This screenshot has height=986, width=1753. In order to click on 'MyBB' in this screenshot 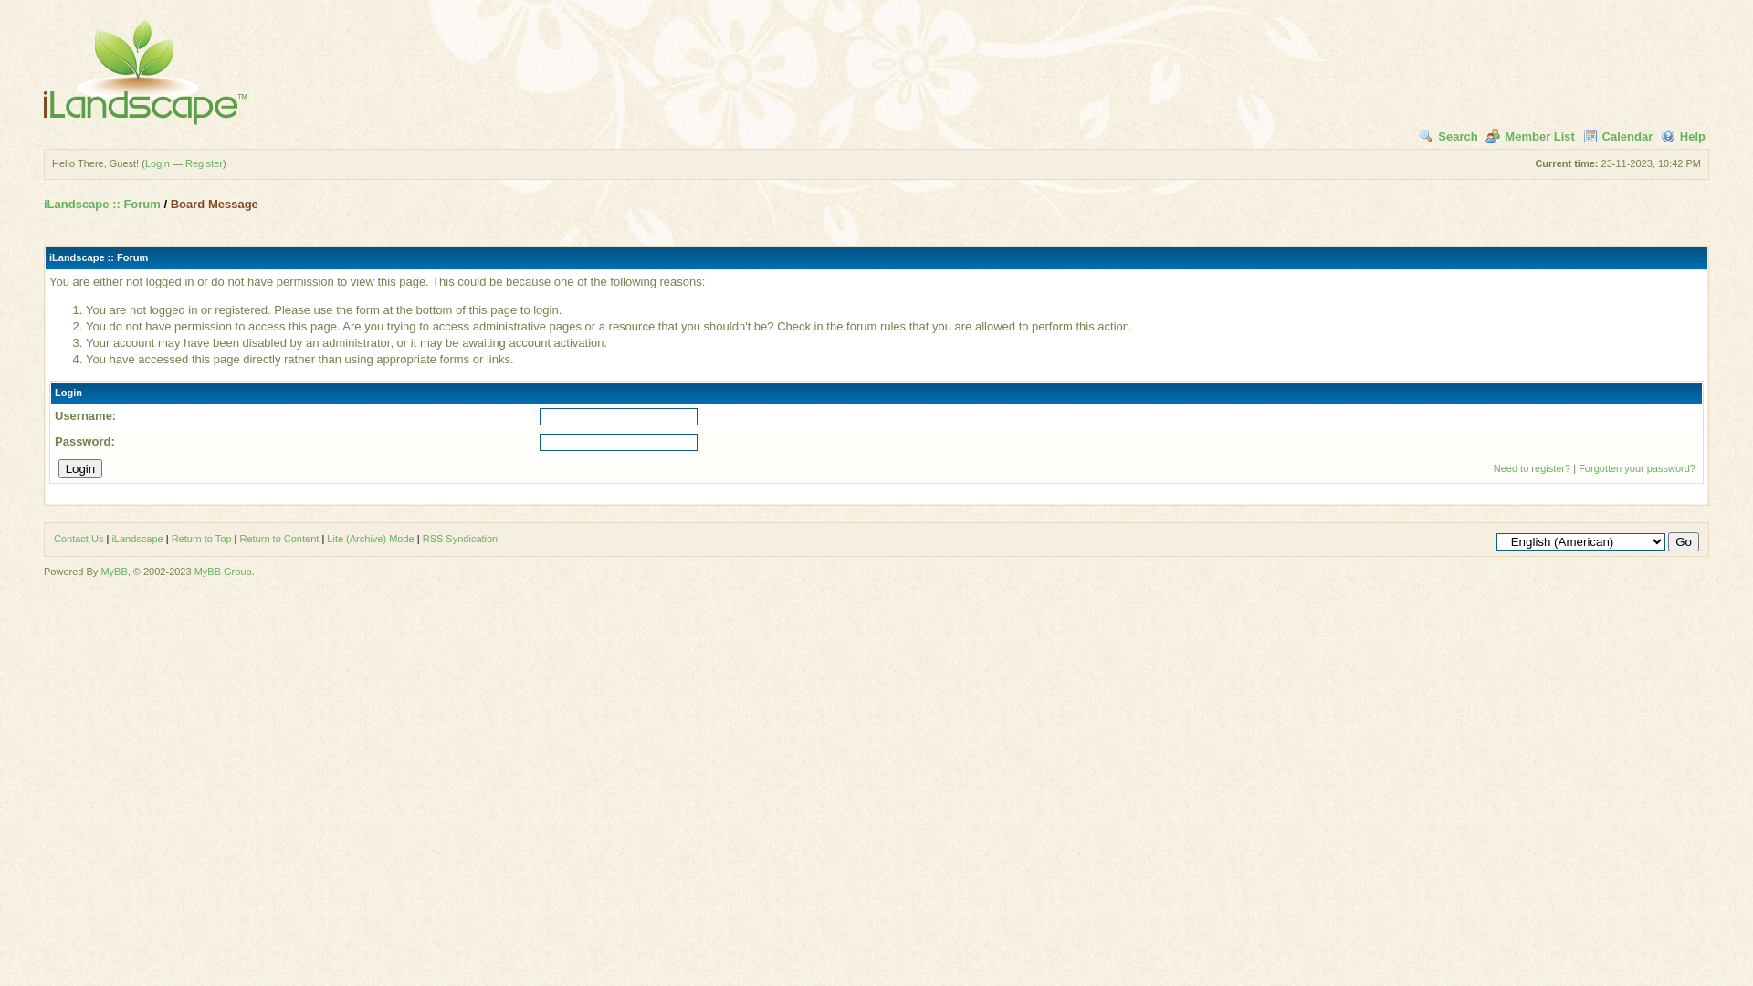, I will do `click(112, 570)`.